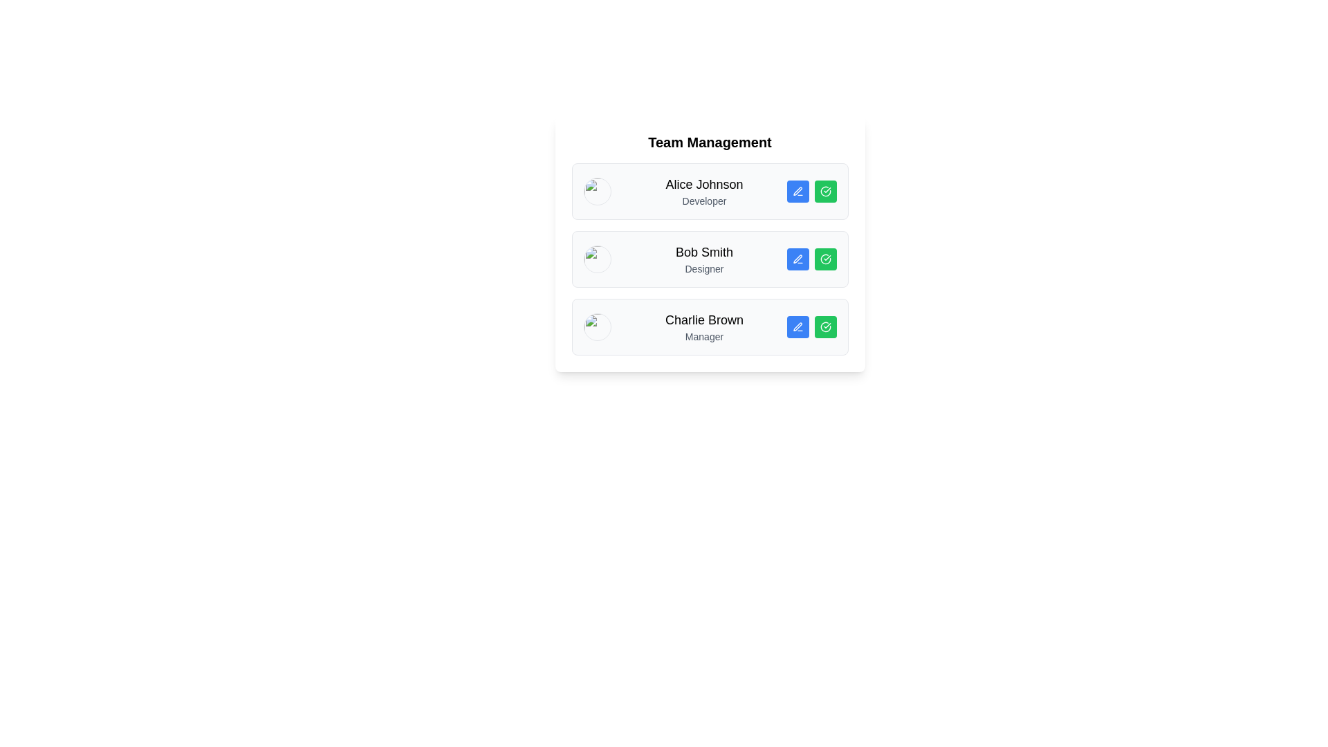 The image size is (1328, 747). What do you see at coordinates (704, 259) in the screenshot?
I see `the text label that identifies the user's name and role, located in the second card of a vertical list, positioned below 'Alice Johnson' and above 'Charlie Brown'` at bounding box center [704, 259].